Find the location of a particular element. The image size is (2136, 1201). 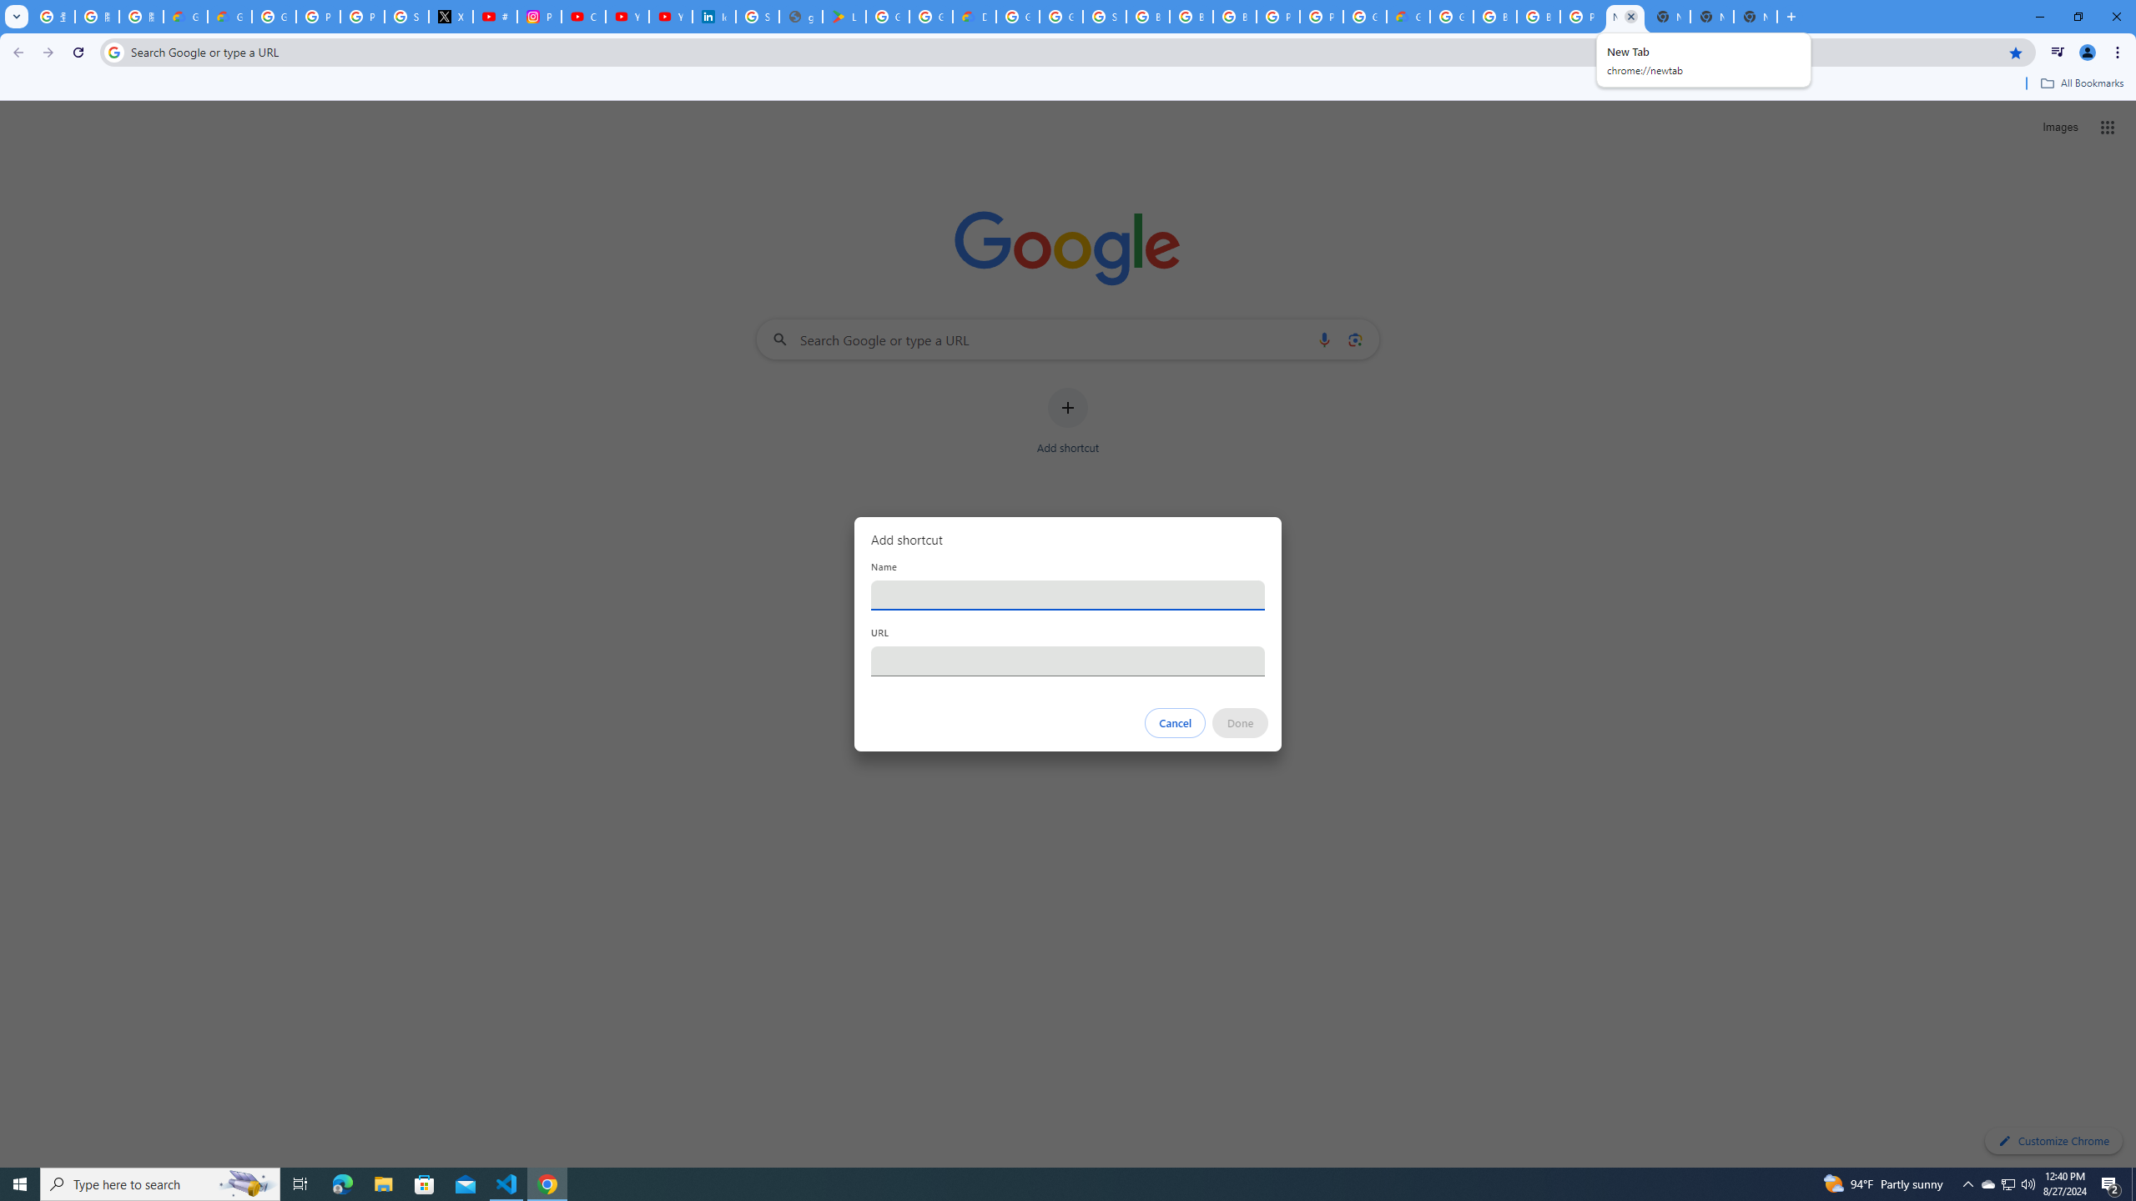

'Done' is located at coordinates (1241, 722).